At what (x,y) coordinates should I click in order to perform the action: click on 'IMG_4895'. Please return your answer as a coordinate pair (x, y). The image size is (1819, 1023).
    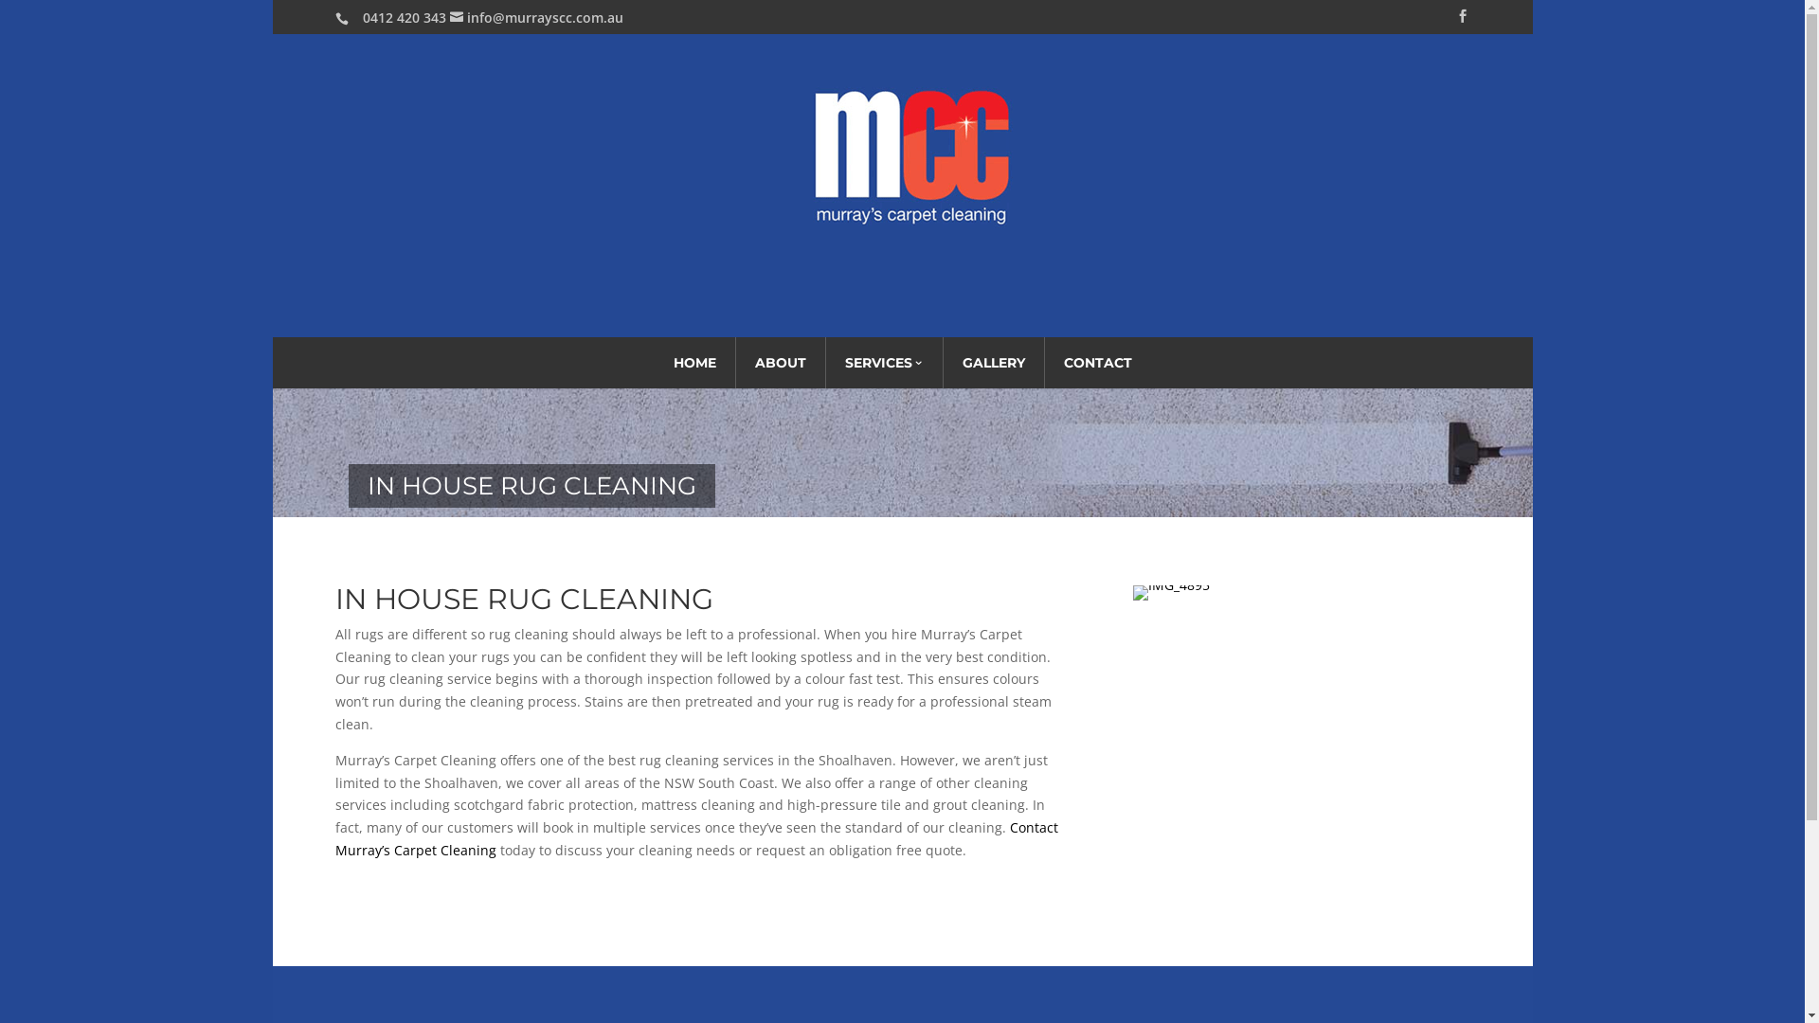
    Looking at the image, I should click on (1170, 583).